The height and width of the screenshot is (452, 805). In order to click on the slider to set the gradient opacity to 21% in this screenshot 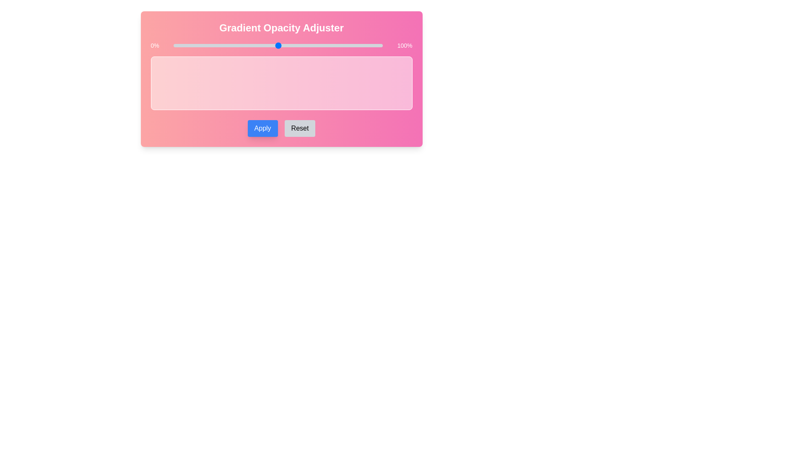, I will do `click(217, 45)`.